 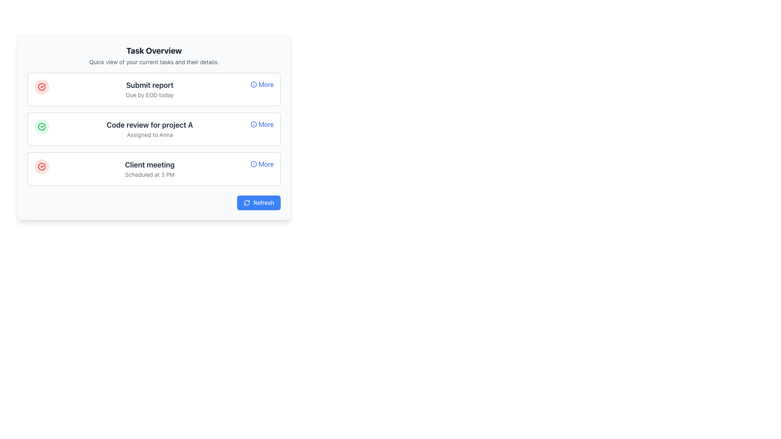 I want to click on the status indicator icon located in the second row of list items for the task titled 'Code review for project A', so click(x=41, y=127).